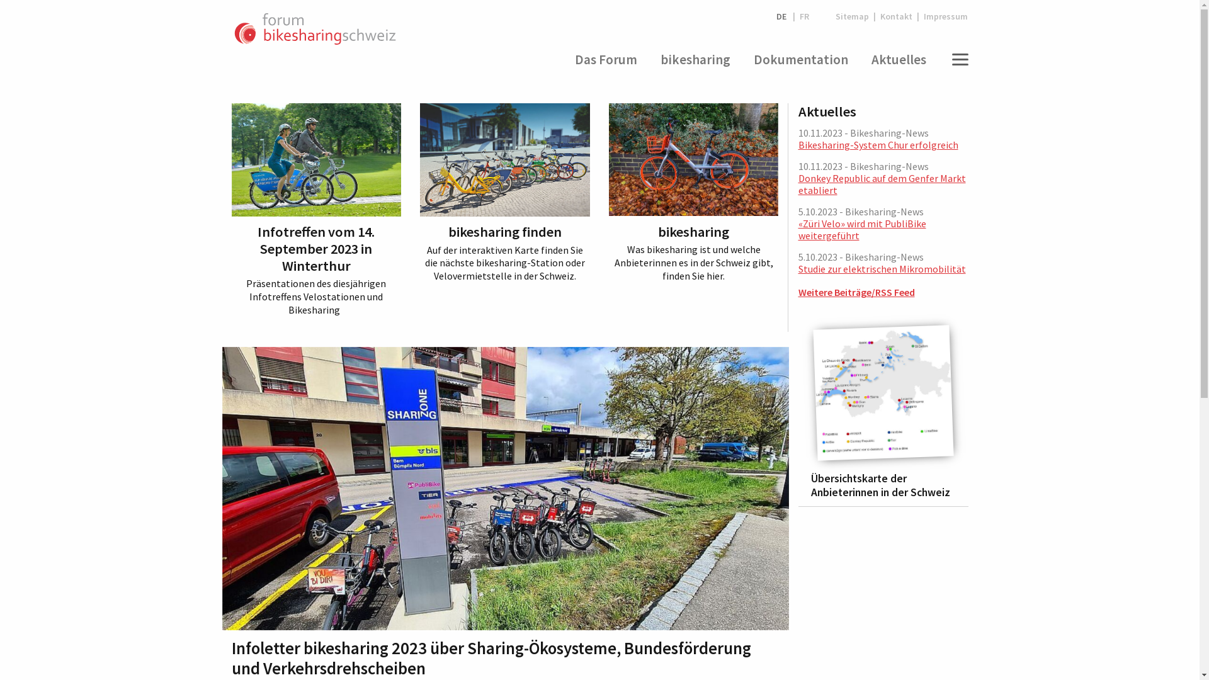 The width and height of the screenshot is (1209, 680). Describe the element at coordinates (875, 16) in the screenshot. I see `'Kontakt'` at that location.